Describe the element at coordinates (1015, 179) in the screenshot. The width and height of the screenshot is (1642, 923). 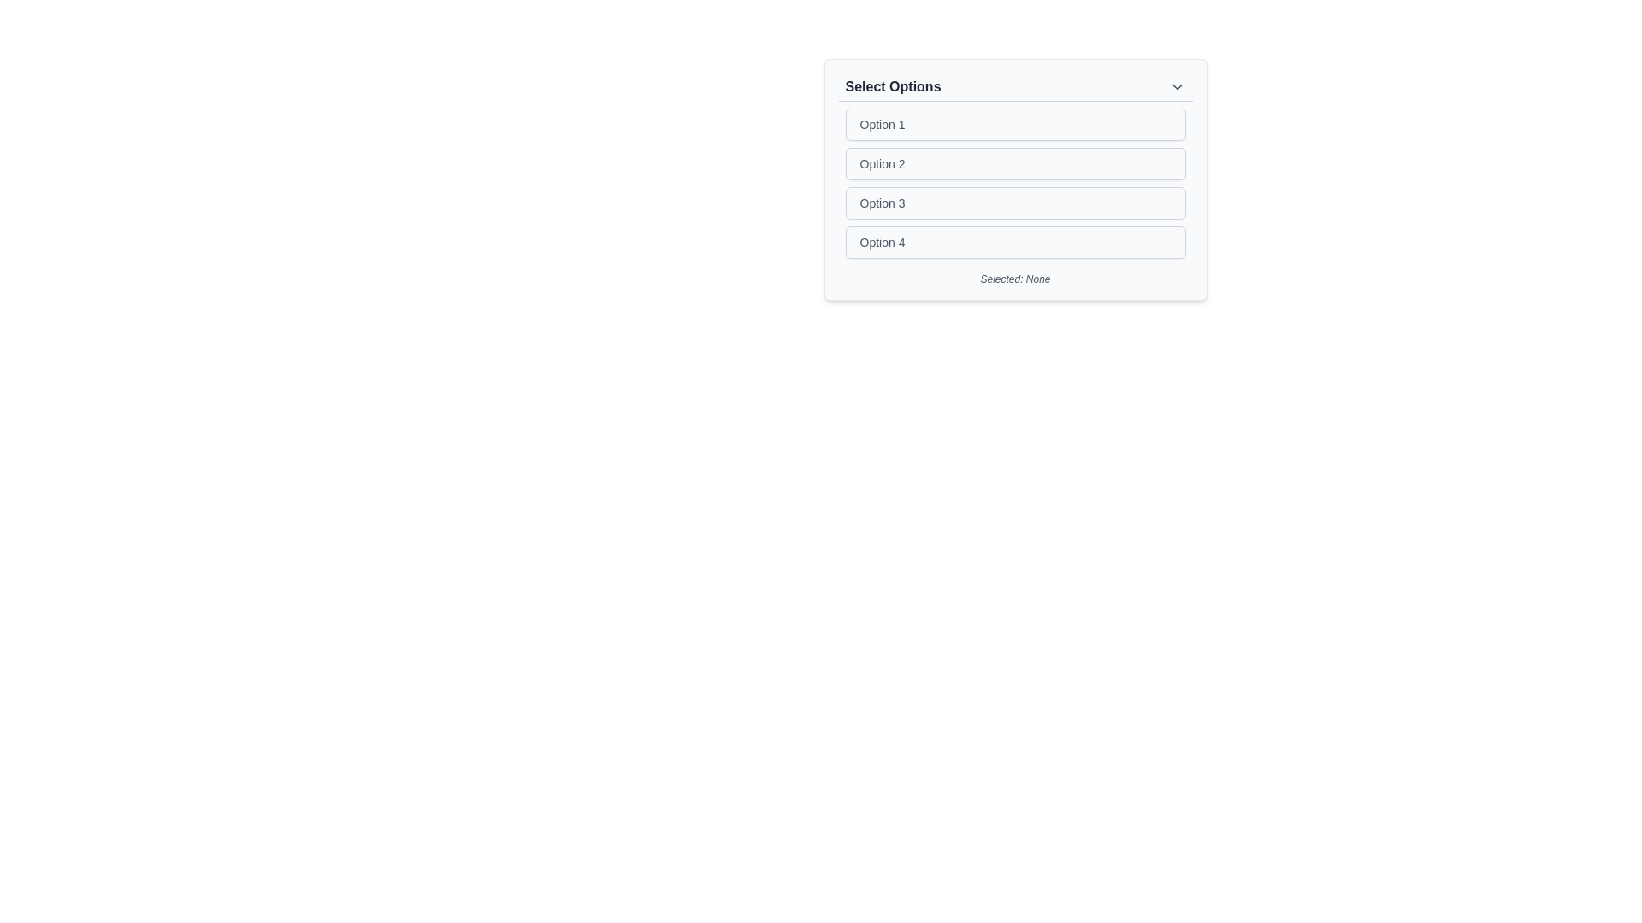
I see `the second option labeled 'Option 2' in the dropdown menu titled 'Select Options'` at that location.